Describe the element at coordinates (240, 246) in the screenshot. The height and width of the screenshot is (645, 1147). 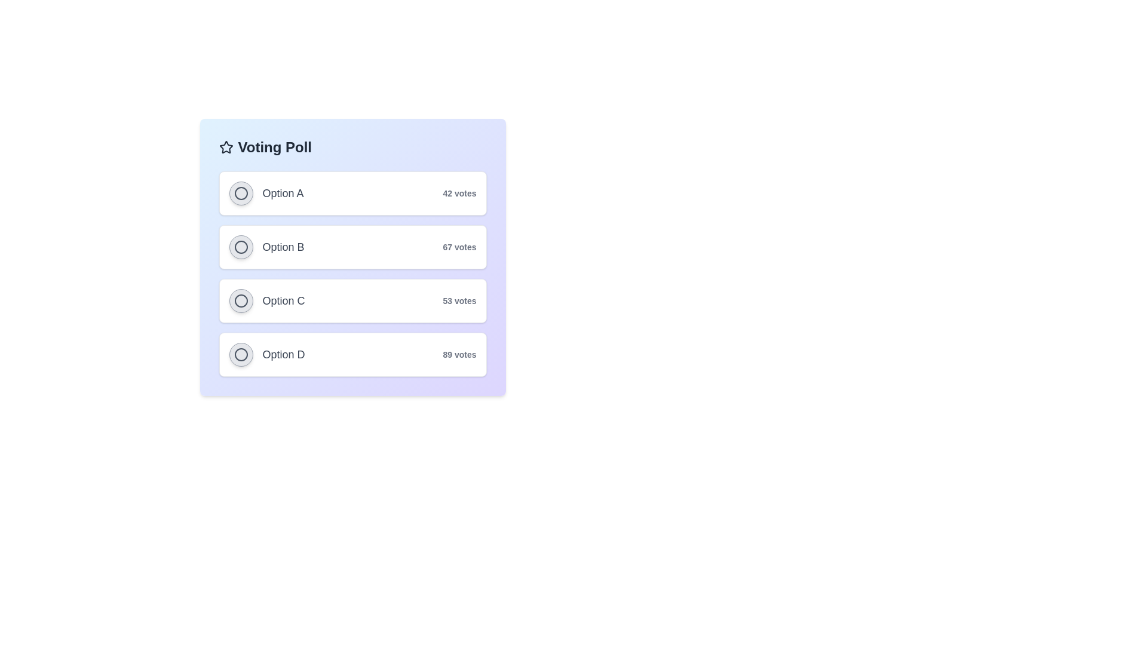
I see `the radio button for 'Option B', which is a circular light gray button with a dark gray border` at that location.